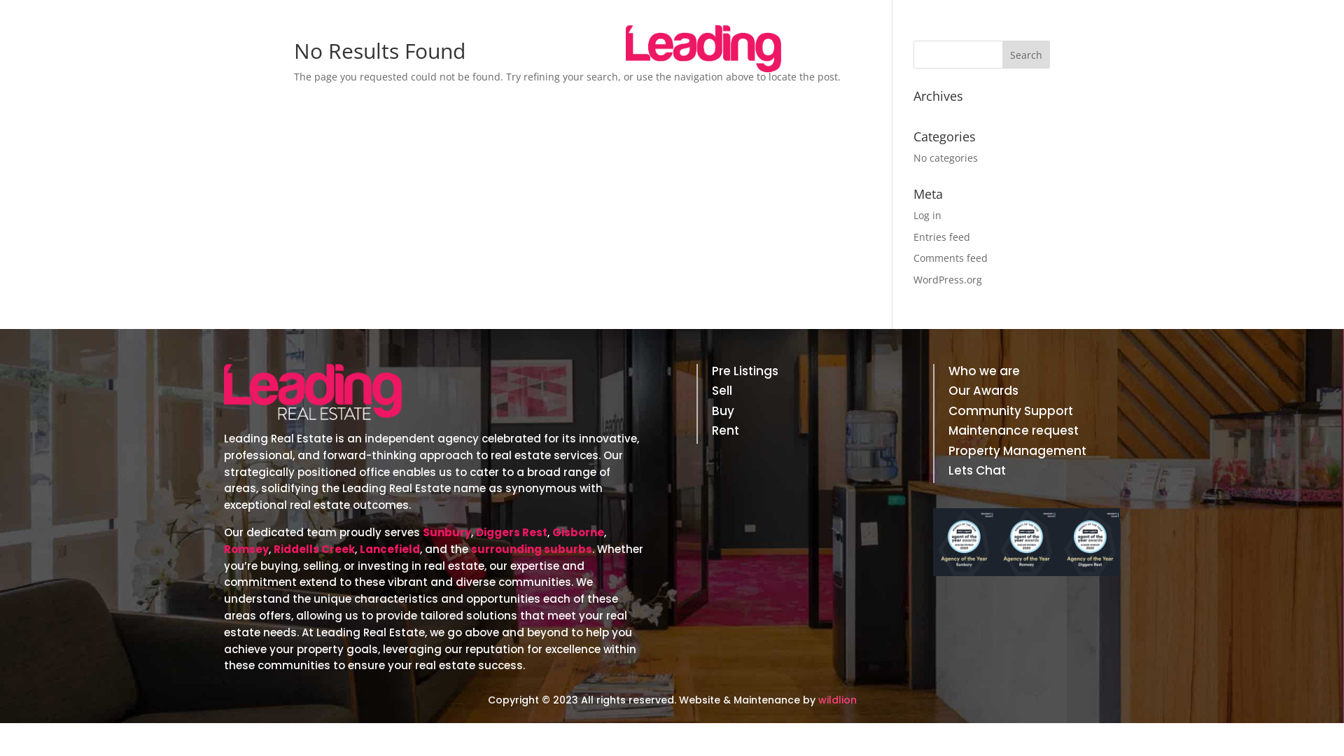 The image size is (1344, 756). What do you see at coordinates (1026, 432) in the screenshot?
I see `'Maintenance request'` at bounding box center [1026, 432].